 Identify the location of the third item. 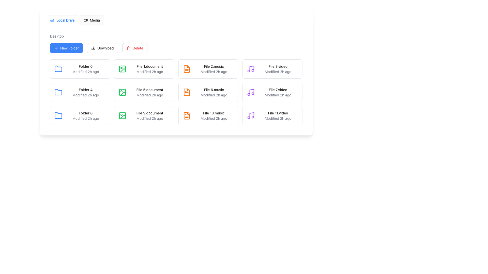
(272, 69).